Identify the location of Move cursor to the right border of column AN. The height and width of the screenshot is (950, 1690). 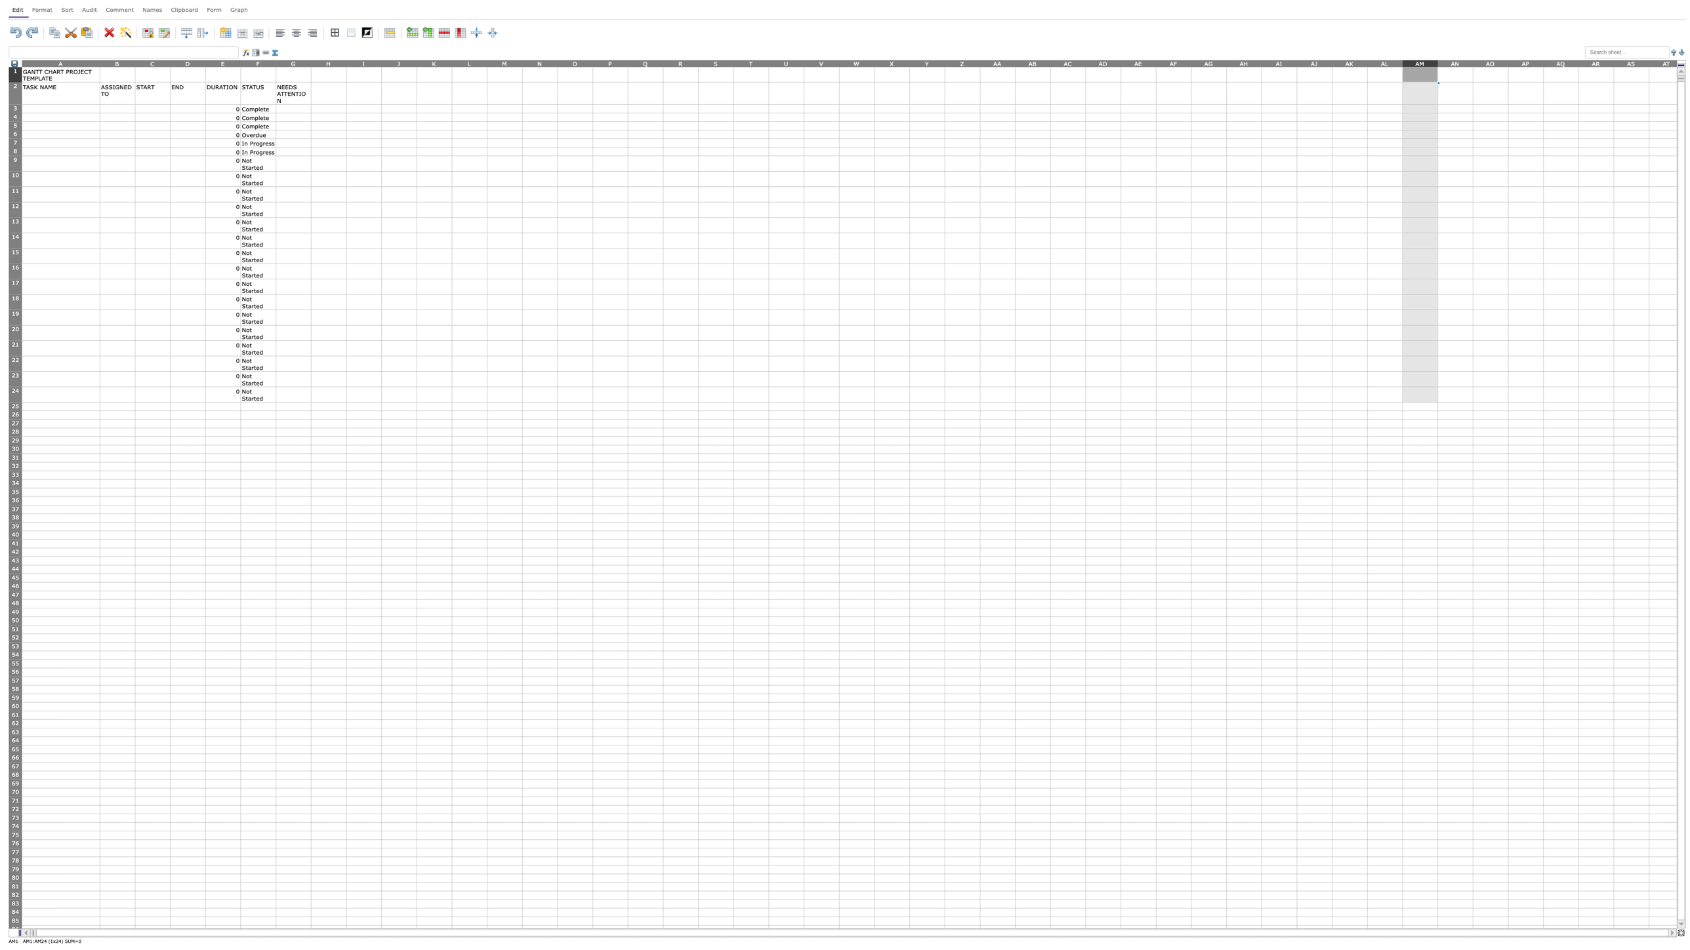
(1472, 62).